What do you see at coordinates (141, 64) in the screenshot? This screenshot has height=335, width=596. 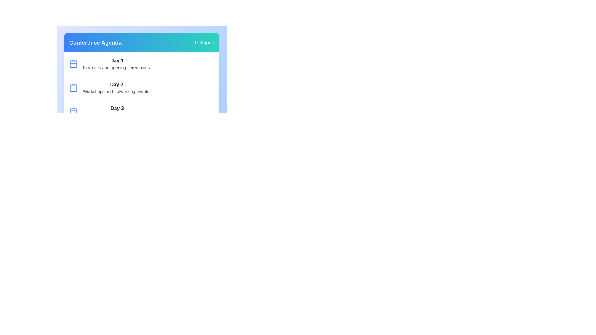 I see `the agenda item for Day 1` at bounding box center [141, 64].